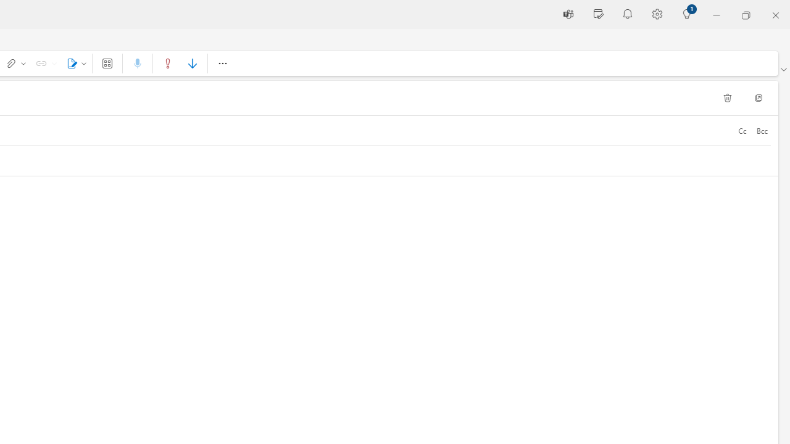 This screenshot has height=444, width=790. What do you see at coordinates (107, 63) in the screenshot?
I see `'Apps'` at bounding box center [107, 63].